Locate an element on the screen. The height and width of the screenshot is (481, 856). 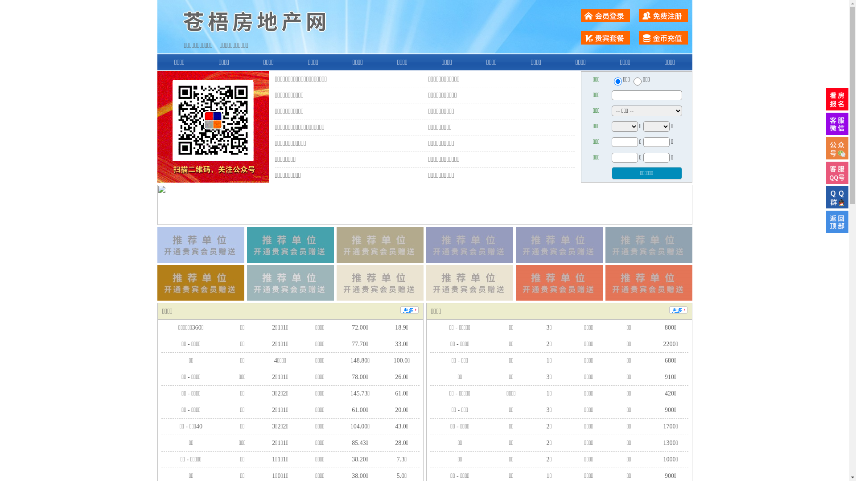
'chuzu' is located at coordinates (637, 81).